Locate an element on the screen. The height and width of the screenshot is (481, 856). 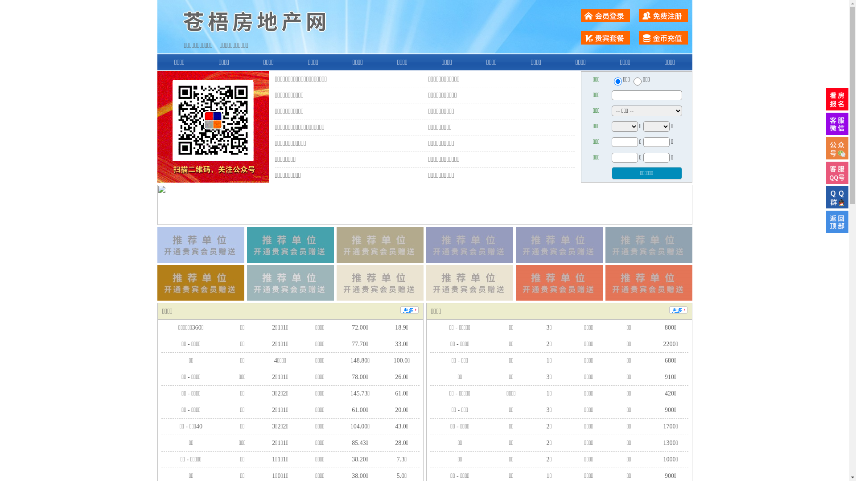
'chuzu' is located at coordinates (637, 81).